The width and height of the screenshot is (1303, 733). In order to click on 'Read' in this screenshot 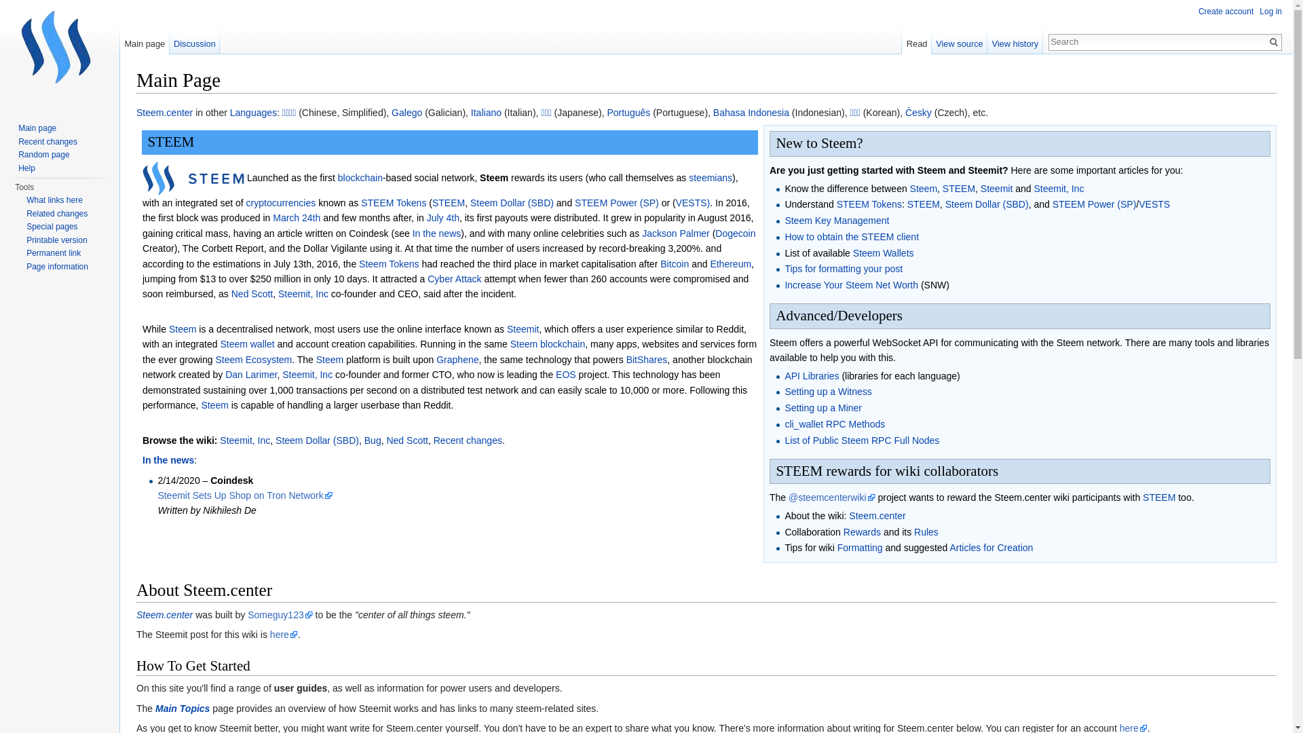, I will do `click(916, 40)`.